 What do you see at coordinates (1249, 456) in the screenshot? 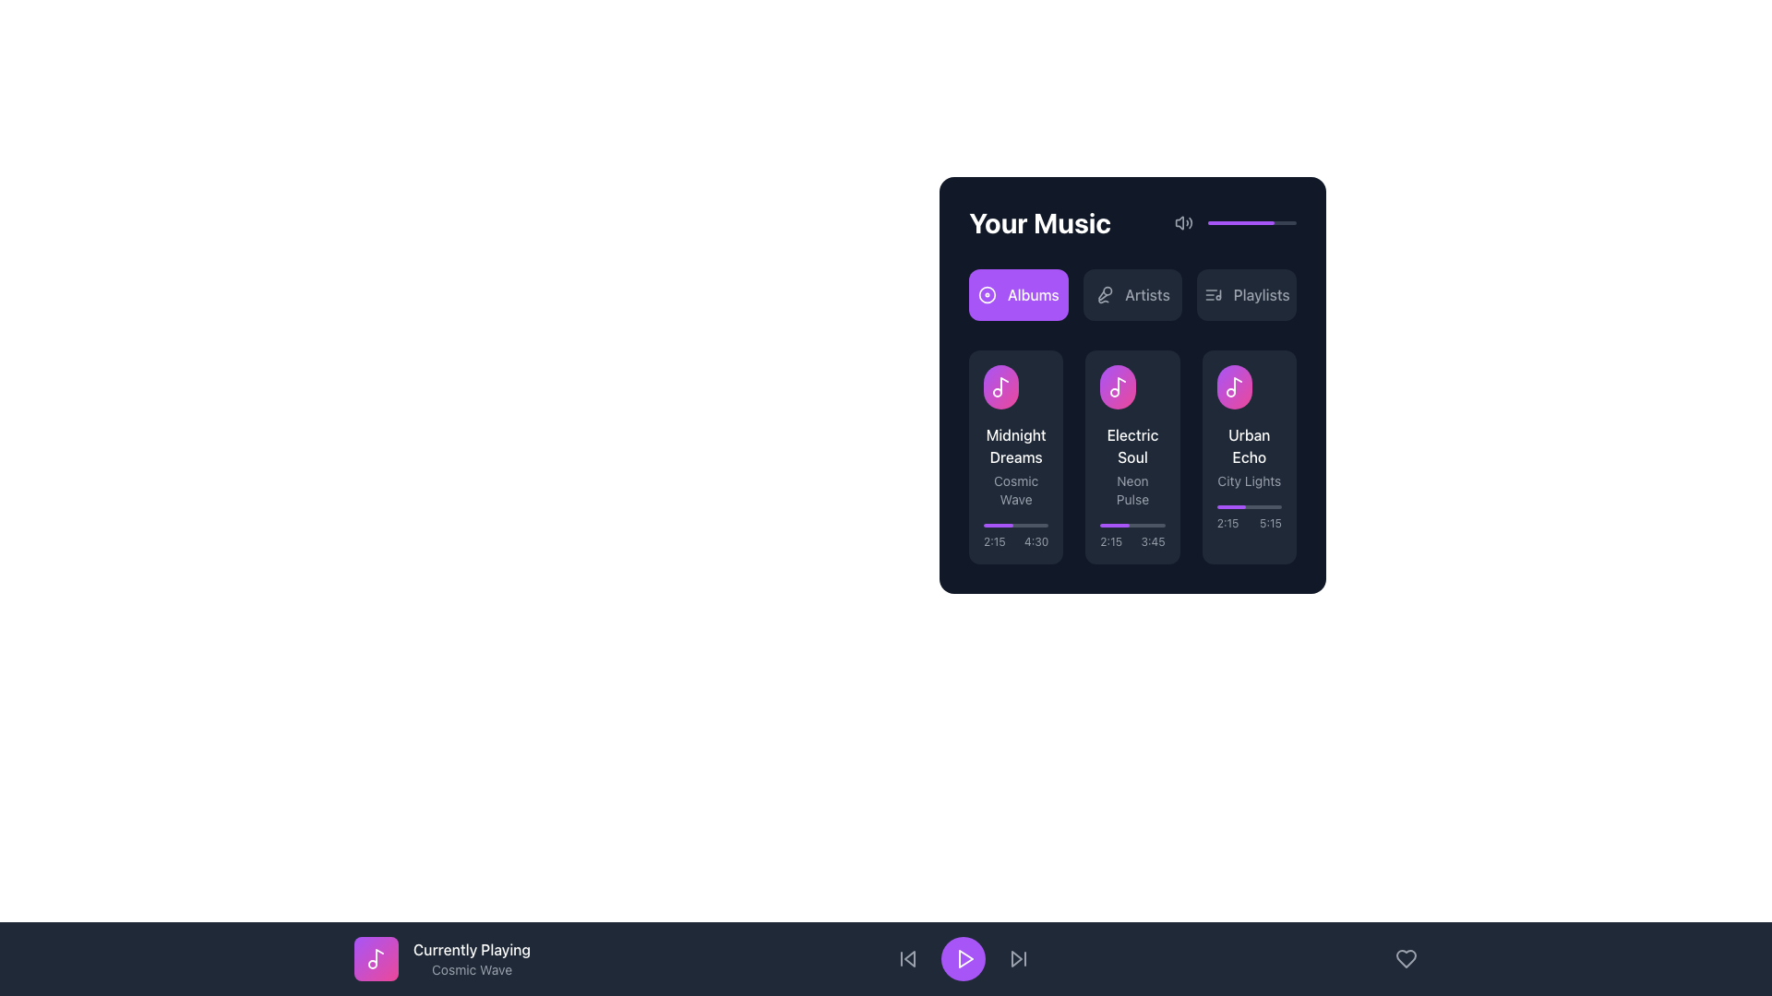
I see `the progress bar of the music card, which is the third card in the grid layout under the 'Albums' section in the 'Your Music' interface, to seek a specific time` at bounding box center [1249, 456].